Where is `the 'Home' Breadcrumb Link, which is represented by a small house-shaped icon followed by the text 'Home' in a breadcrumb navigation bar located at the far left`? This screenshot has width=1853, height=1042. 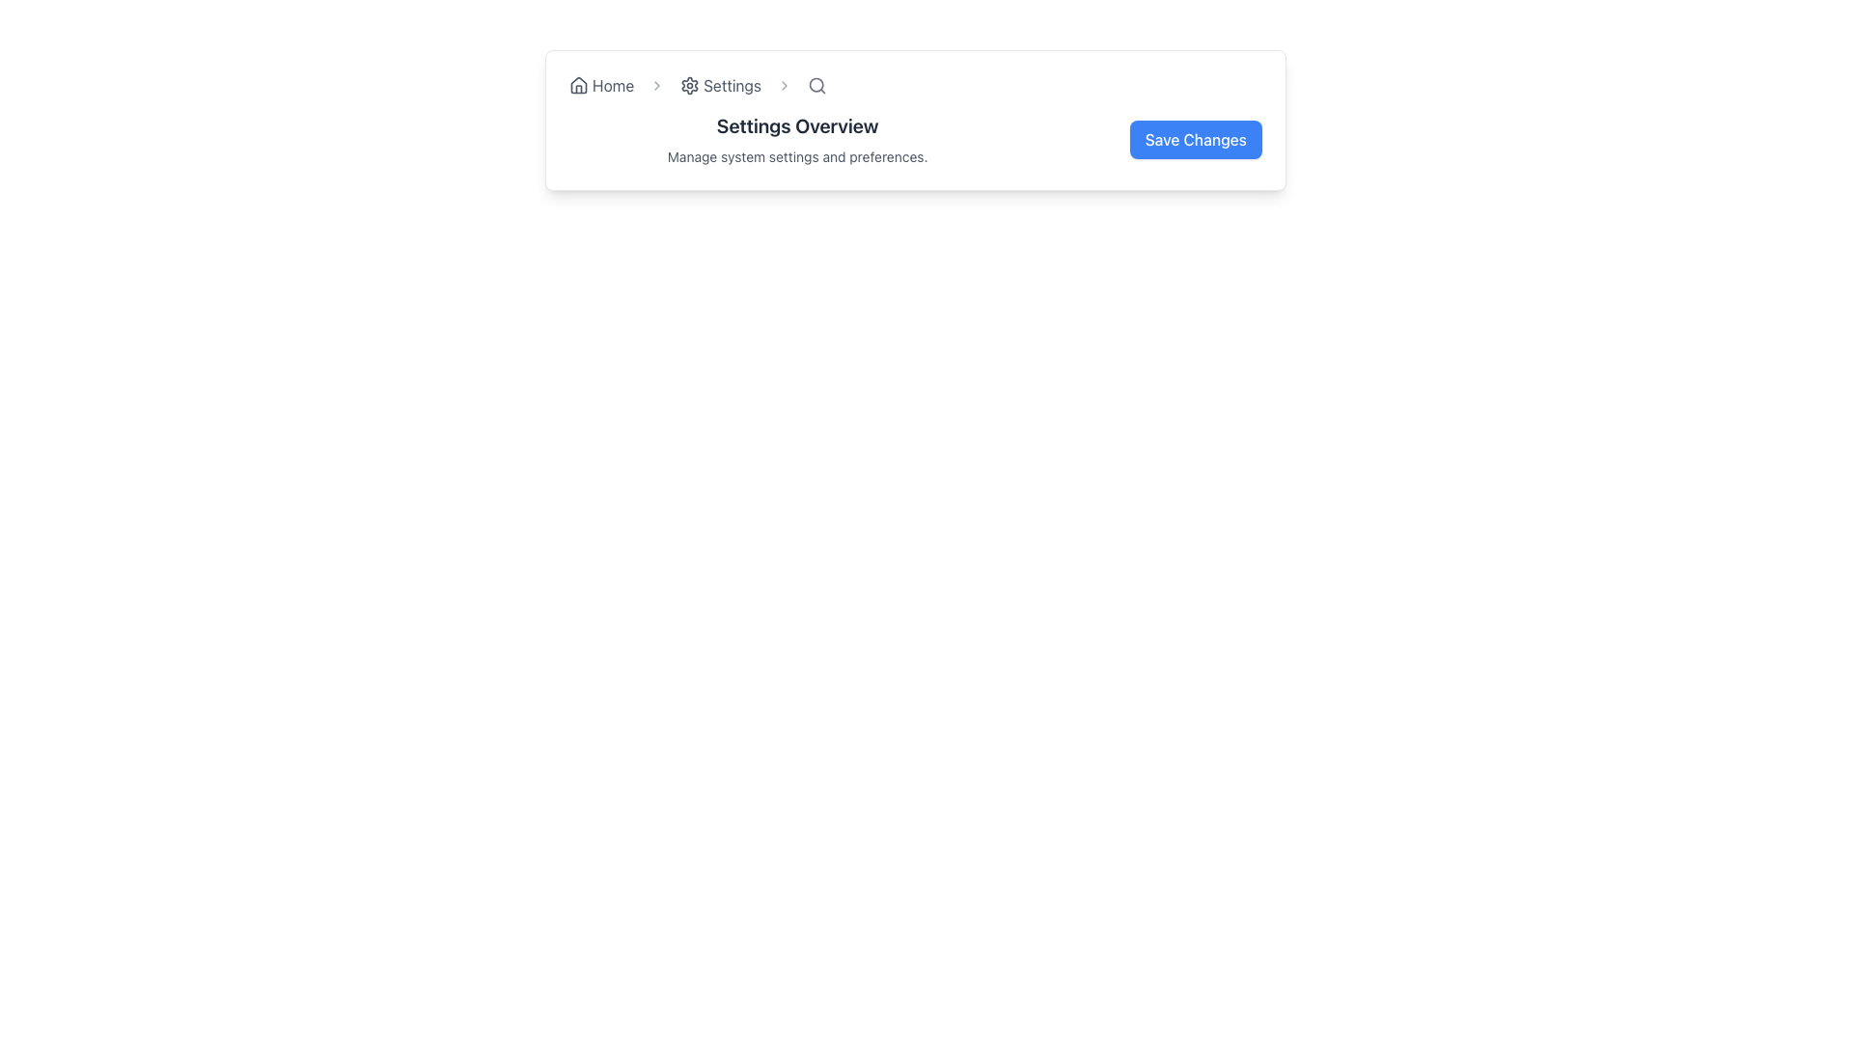 the 'Home' Breadcrumb Link, which is represented by a small house-shaped icon followed by the text 'Home' in a breadcrumb navigation bar located at the far left is located at coordinates (600, 84).